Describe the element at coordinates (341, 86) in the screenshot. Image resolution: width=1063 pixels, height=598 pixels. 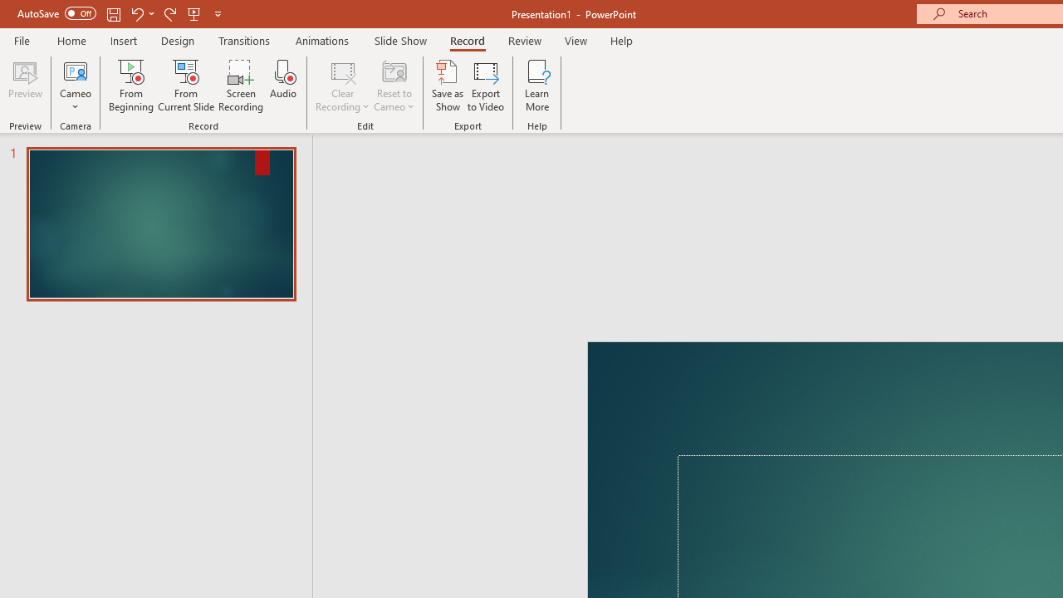
I see `'Clear Recording'` at that location.